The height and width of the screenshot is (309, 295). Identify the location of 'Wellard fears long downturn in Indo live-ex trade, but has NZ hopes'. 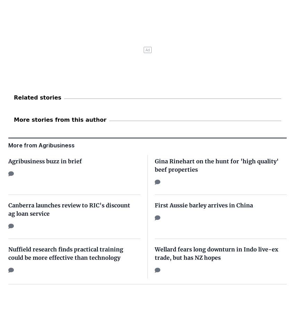
(216, 253).